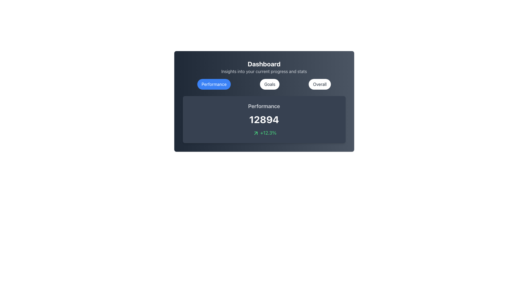 This screenshot has width=514, height=289. Describe the element at coordinates (256, 133) in the screenshot. I see `the small green upward-right pointing arrow icon located within the performance summary box on the dashboard interface` at that location.